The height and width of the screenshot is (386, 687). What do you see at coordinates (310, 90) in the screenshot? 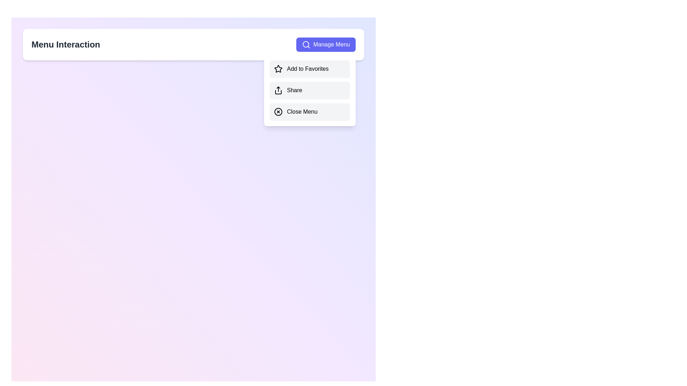
I see `the share button located in the dropdown menu, which is the second option in a vertical stack of three, positioned between the 'Add to Favorites' and 'Close Menu' buttons` at bounding box center [310, 90].